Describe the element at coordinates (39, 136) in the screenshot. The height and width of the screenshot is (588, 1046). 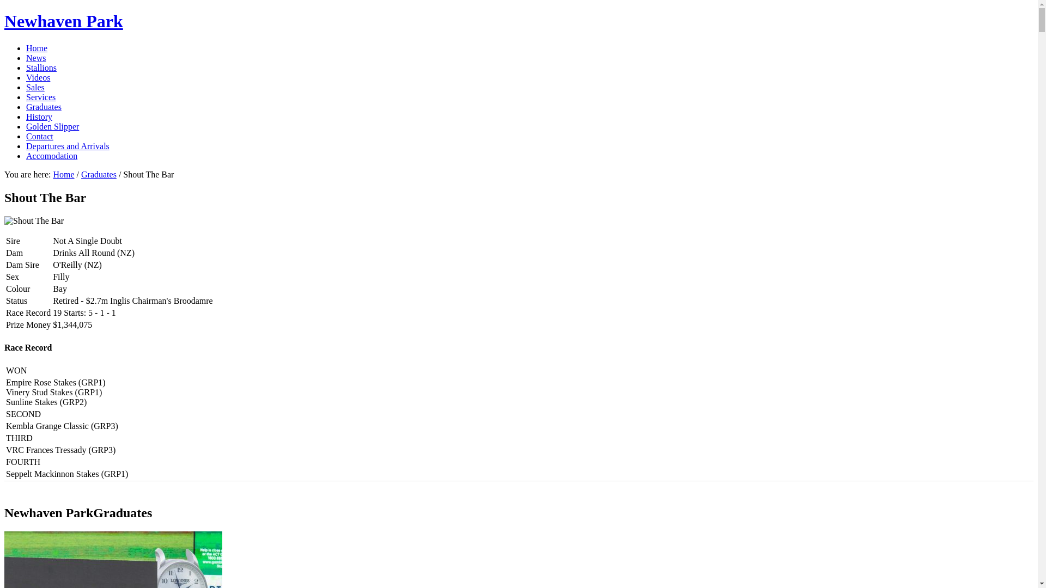
I see `'Contact'` at that location.